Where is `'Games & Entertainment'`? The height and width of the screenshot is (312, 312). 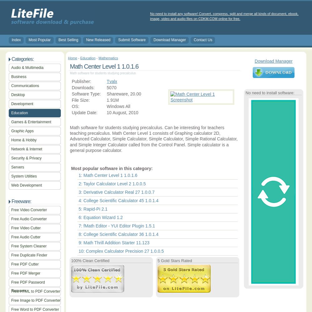
'Games & Entertainment' is located at coordinates (31, 122).